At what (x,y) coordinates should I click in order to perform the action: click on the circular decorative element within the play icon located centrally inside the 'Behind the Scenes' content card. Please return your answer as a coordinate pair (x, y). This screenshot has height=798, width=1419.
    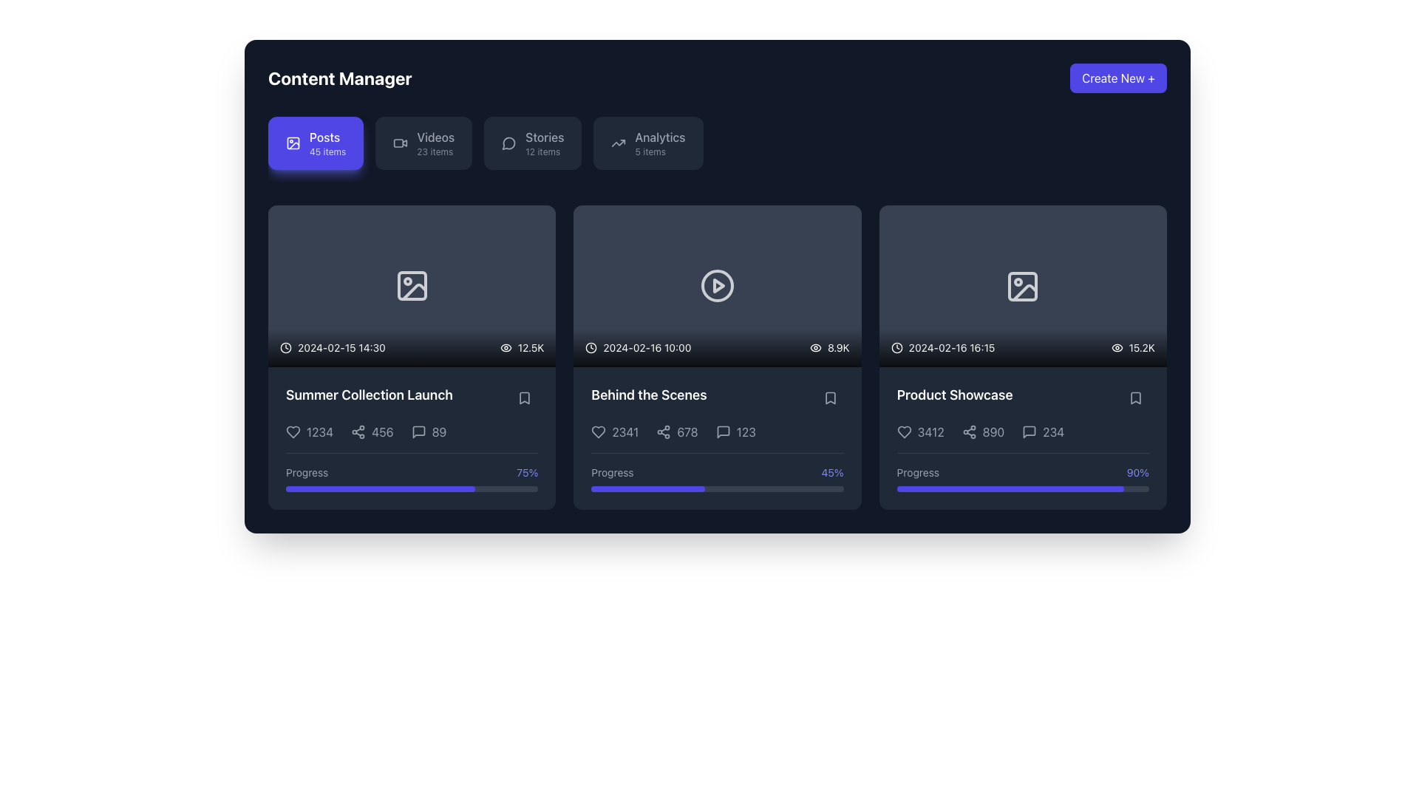
    Looking at the image, I should click on (717, 286).